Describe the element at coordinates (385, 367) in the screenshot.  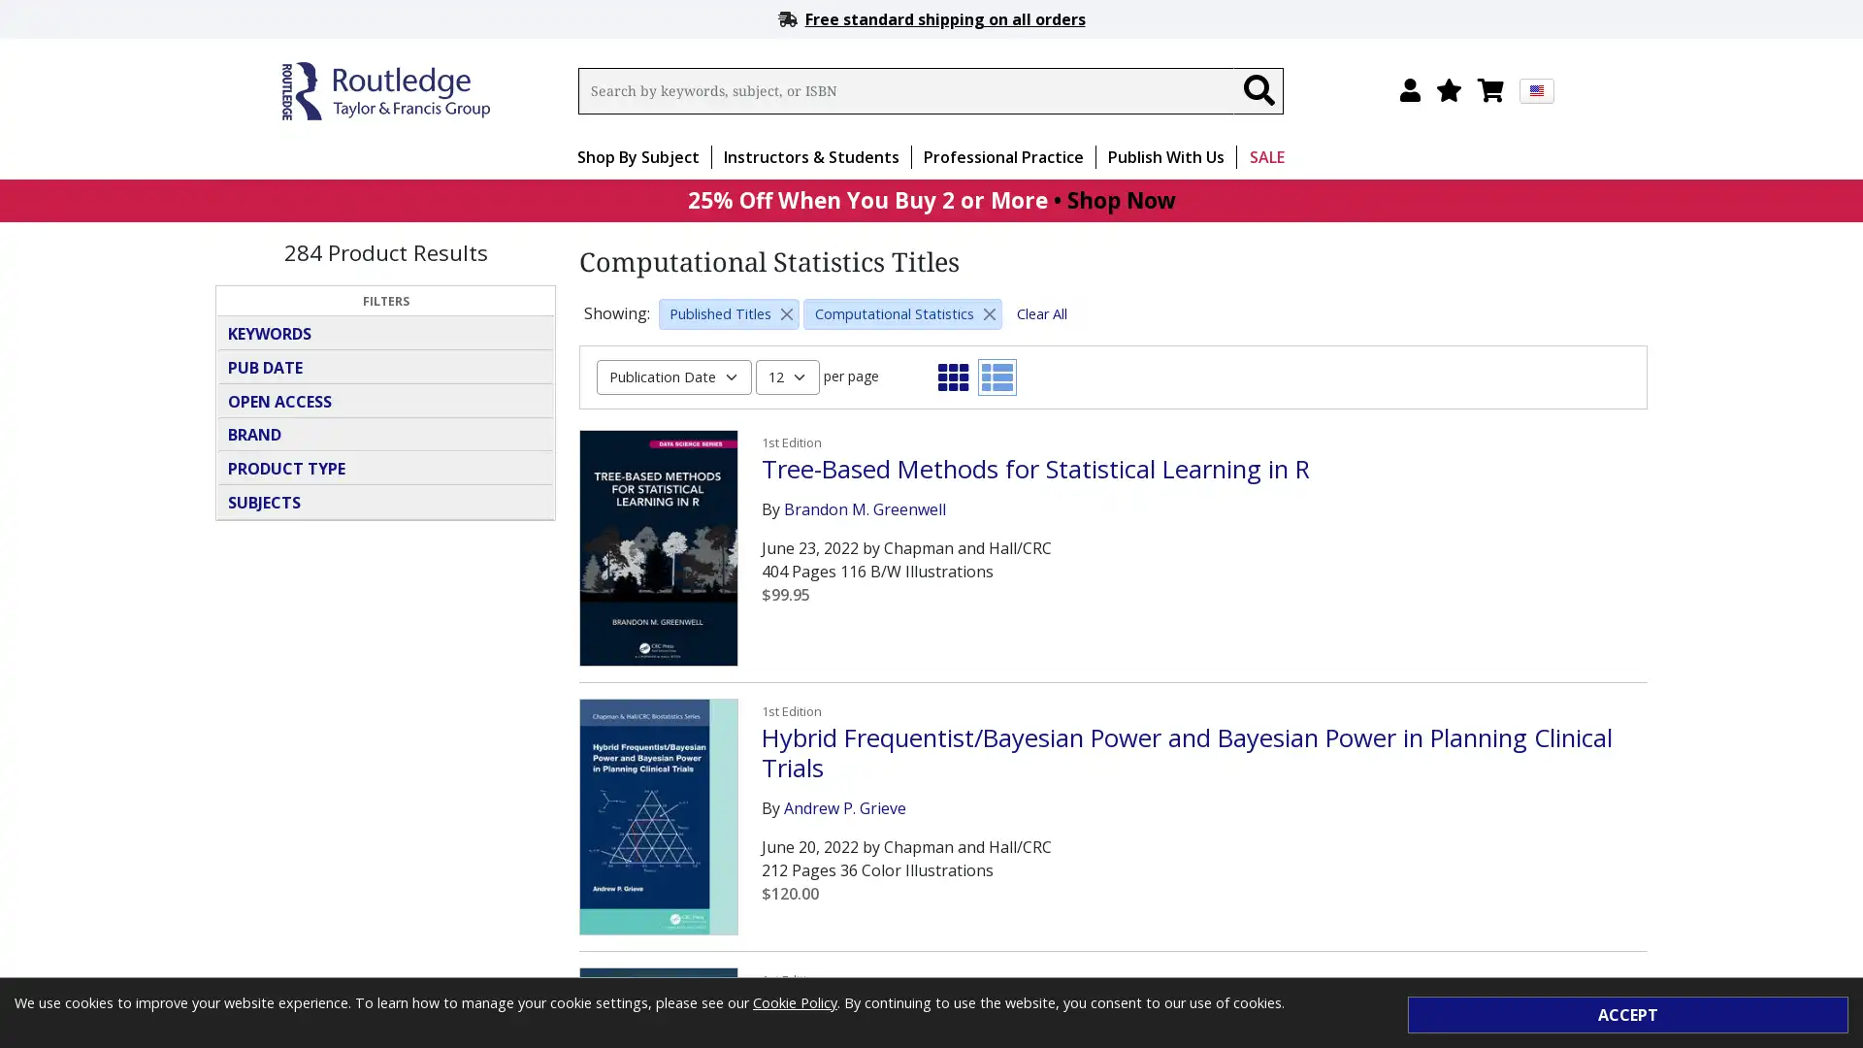
I see `PUB DATE` at that location.